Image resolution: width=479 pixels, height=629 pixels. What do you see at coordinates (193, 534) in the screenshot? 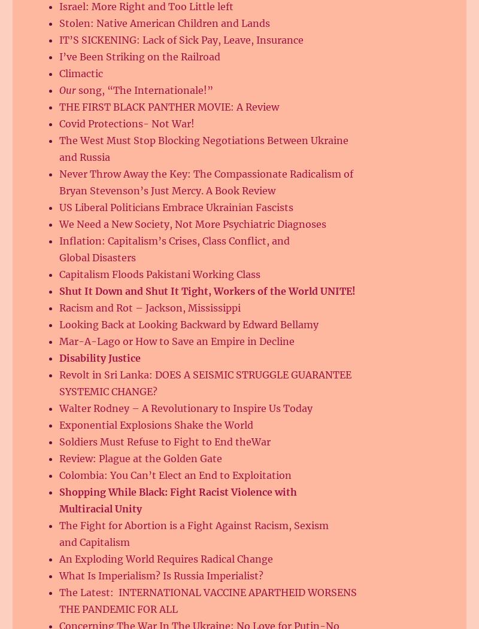
I see `'The Fight for Abortion is a Fight Against Racism, Sexism and Capitalism'` at bounding box center [193, 534].